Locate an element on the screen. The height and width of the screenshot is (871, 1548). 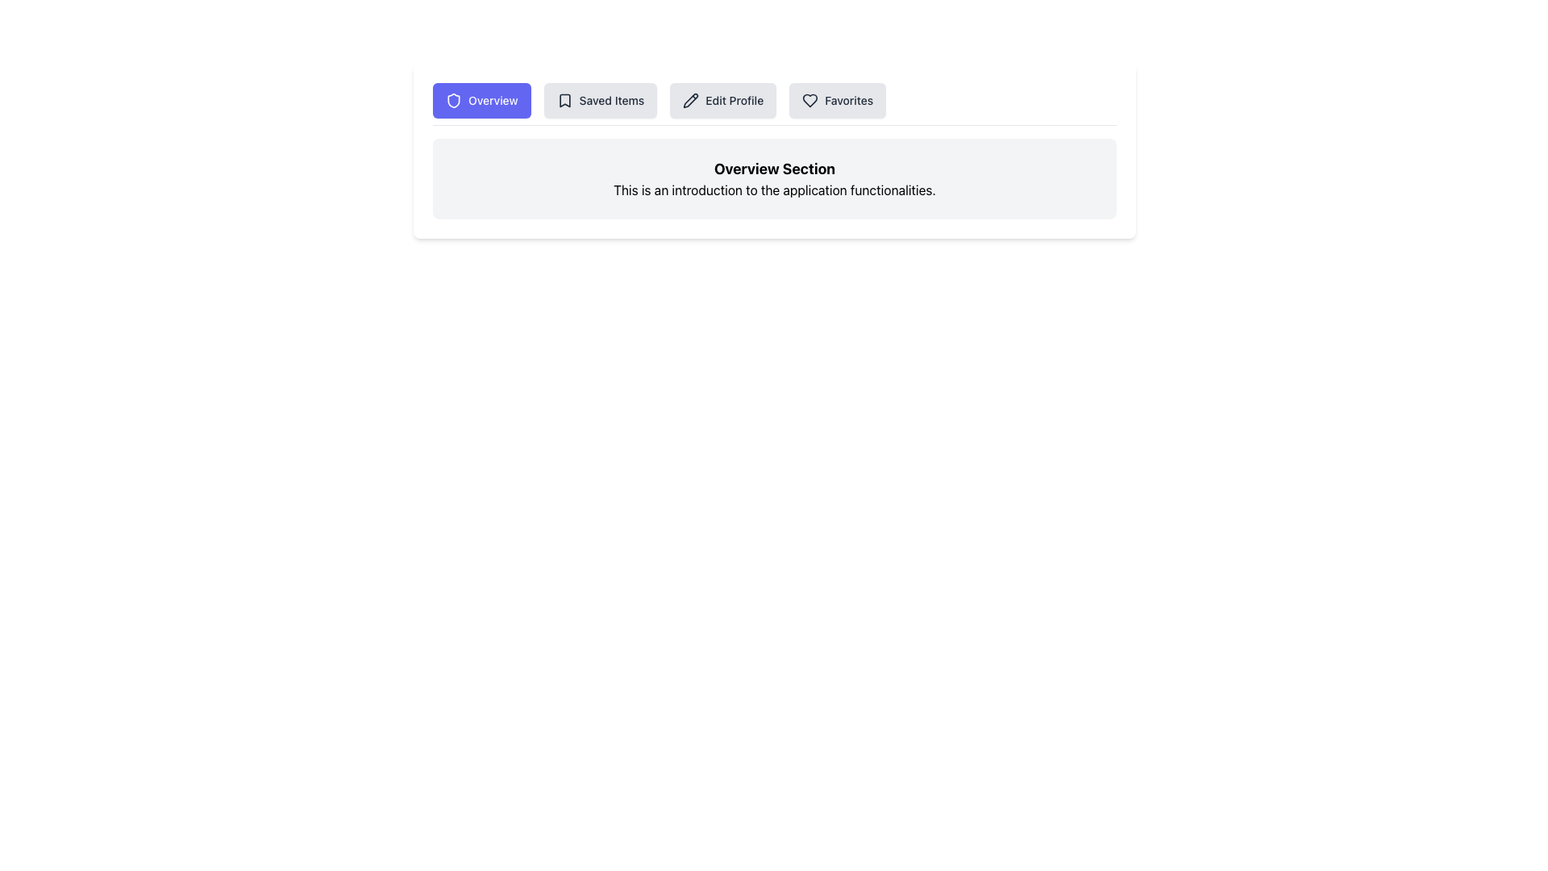
the blue 'Overview' button with rounded corners, which is the first button in a row of four at the top of the interface is located at coordinates (481, 100).